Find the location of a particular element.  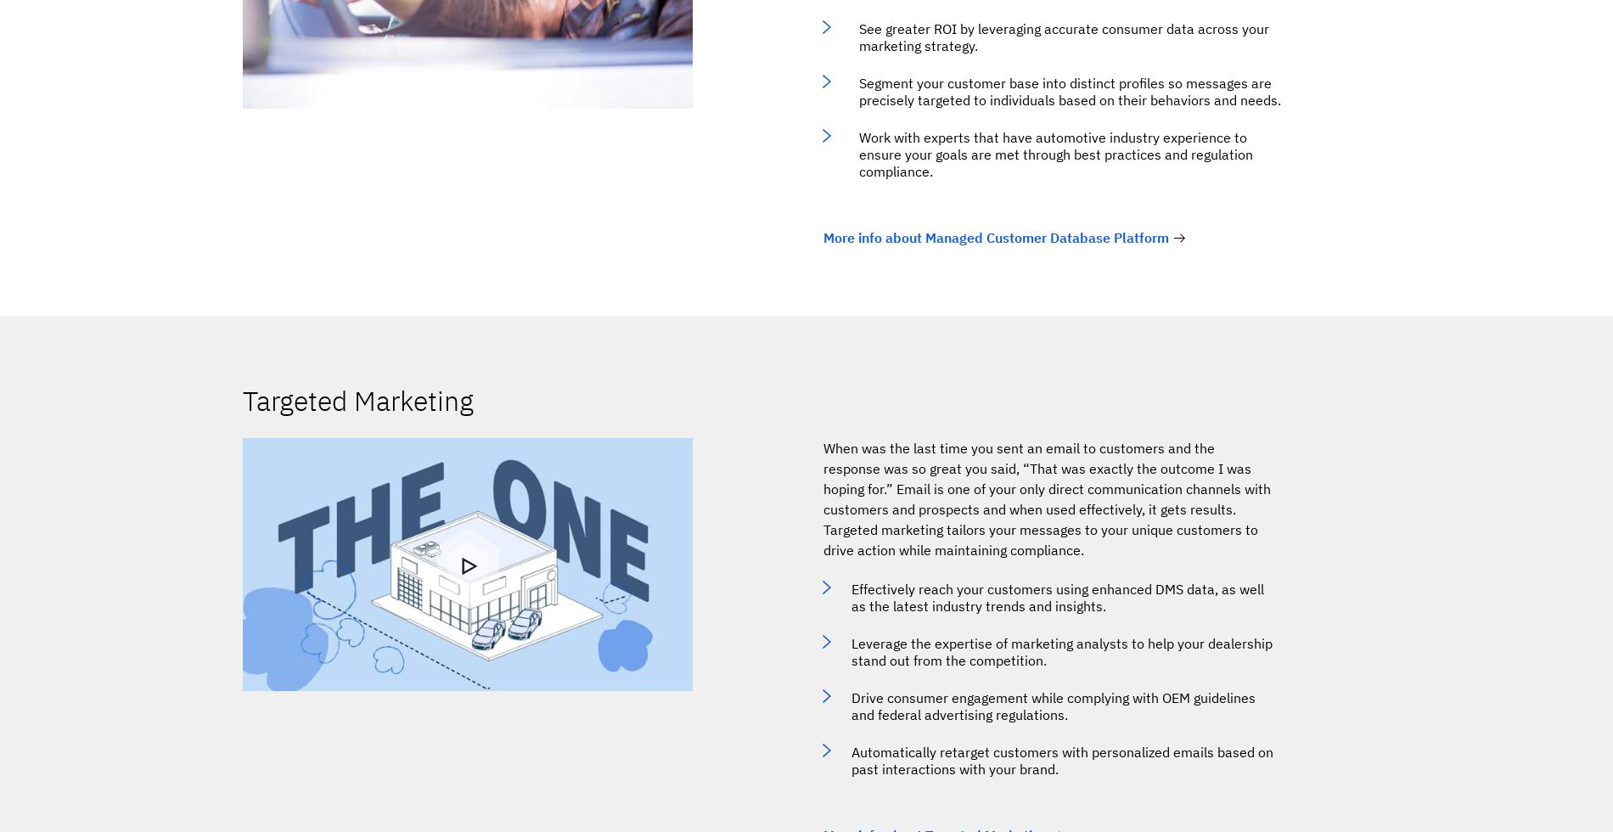

'Segment your customer base into distinct profiles so messages are precisely targeted to individuals based on their behaviors and needs.' is located at coordinates (1069, 91).